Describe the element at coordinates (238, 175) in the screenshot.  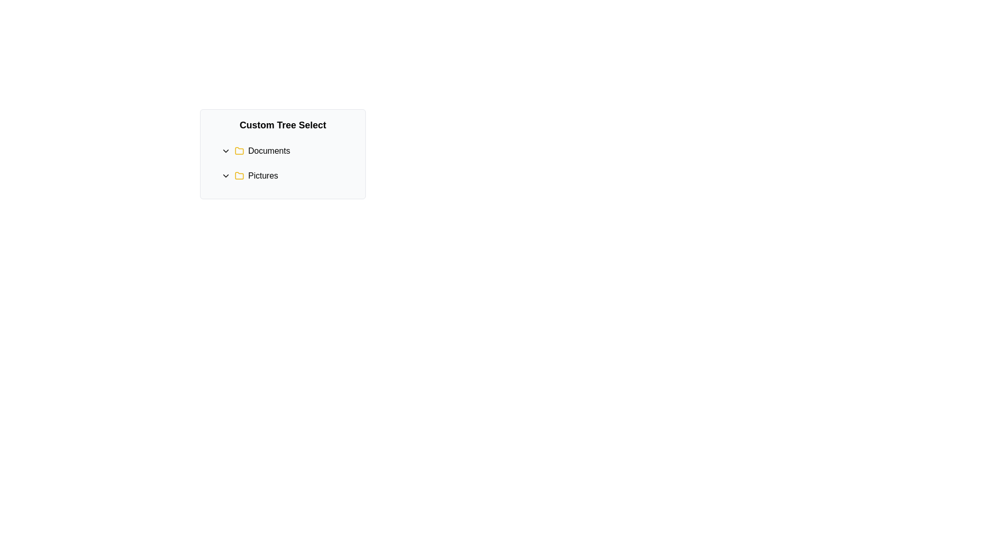
I see `the yellow folder icon located under the 'Pictures' node in the tree structure` at that location.